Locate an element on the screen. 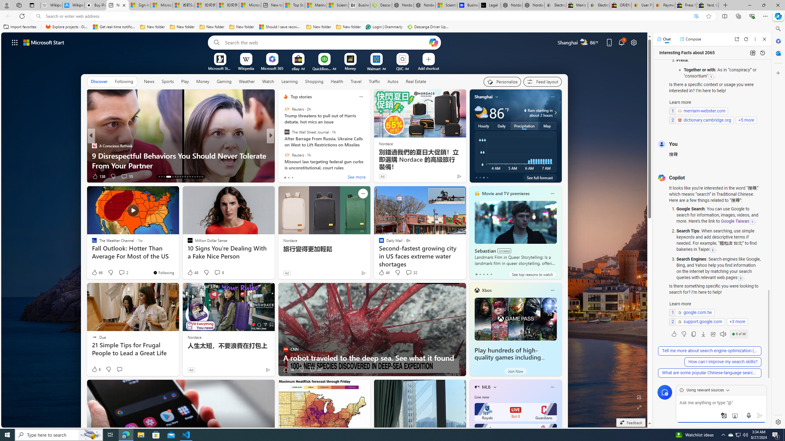  'Search icon' is located at coordinates (38, 16).